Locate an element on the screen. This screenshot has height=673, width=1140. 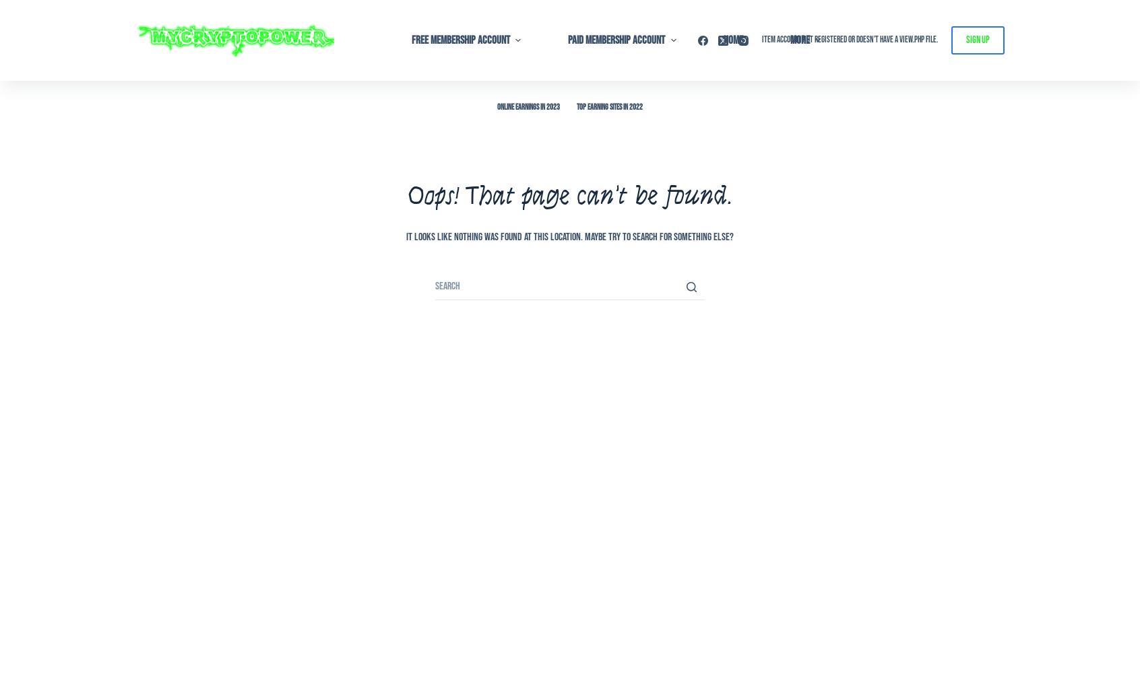
'03 – Link Up' is located at coordinates (415, 238).